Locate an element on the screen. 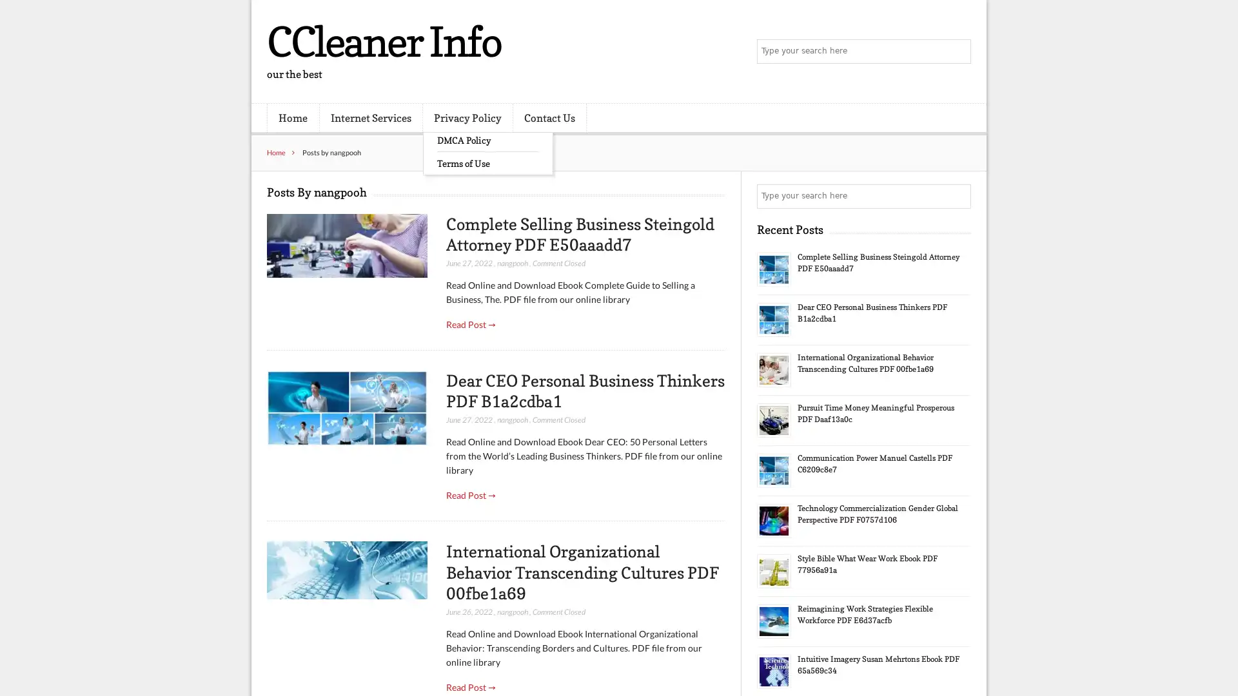 Image resolution: width=1238 pixels, height=696 pixels. Search is located at coordinates (958, 196).